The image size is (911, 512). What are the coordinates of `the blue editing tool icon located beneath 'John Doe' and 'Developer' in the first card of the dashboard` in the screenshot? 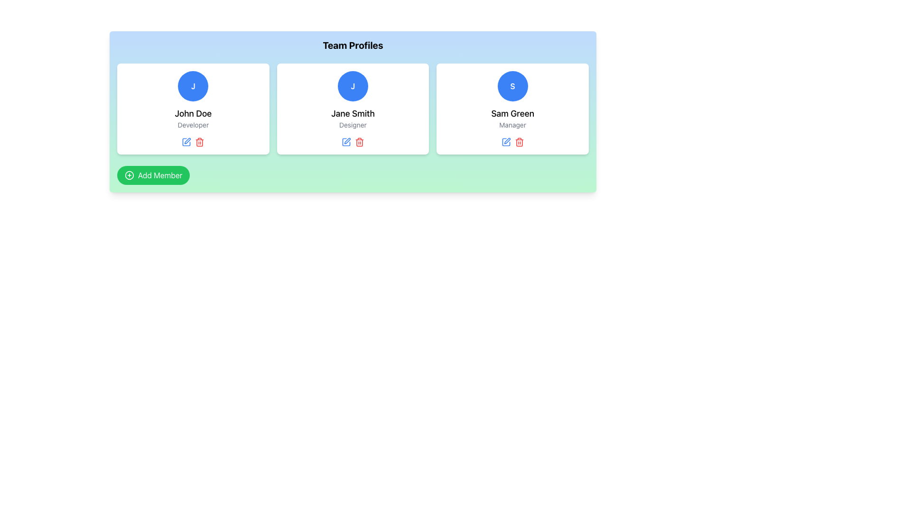 It's located at (186, 142).